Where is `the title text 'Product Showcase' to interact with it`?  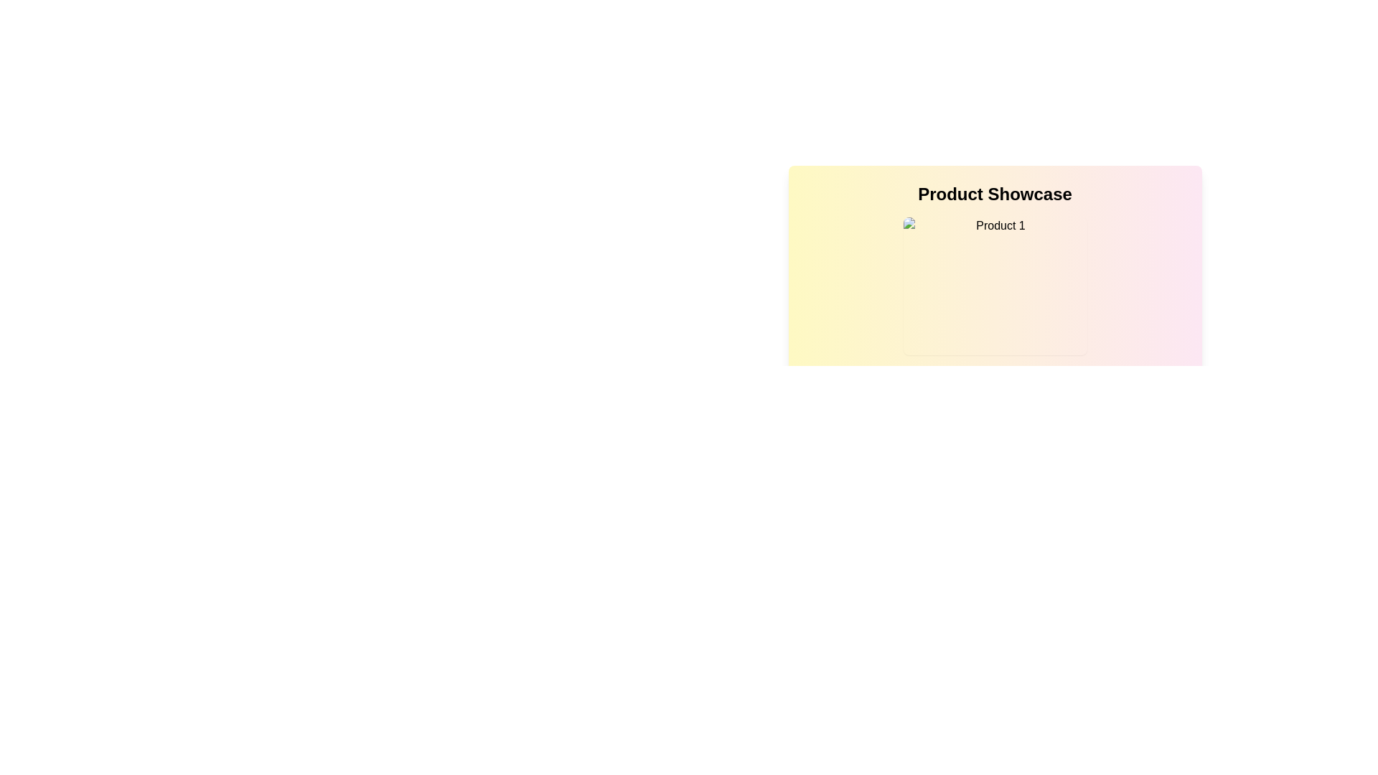 the title text 'Product Showcase' to interact with it is located at coordinates (994, 194).